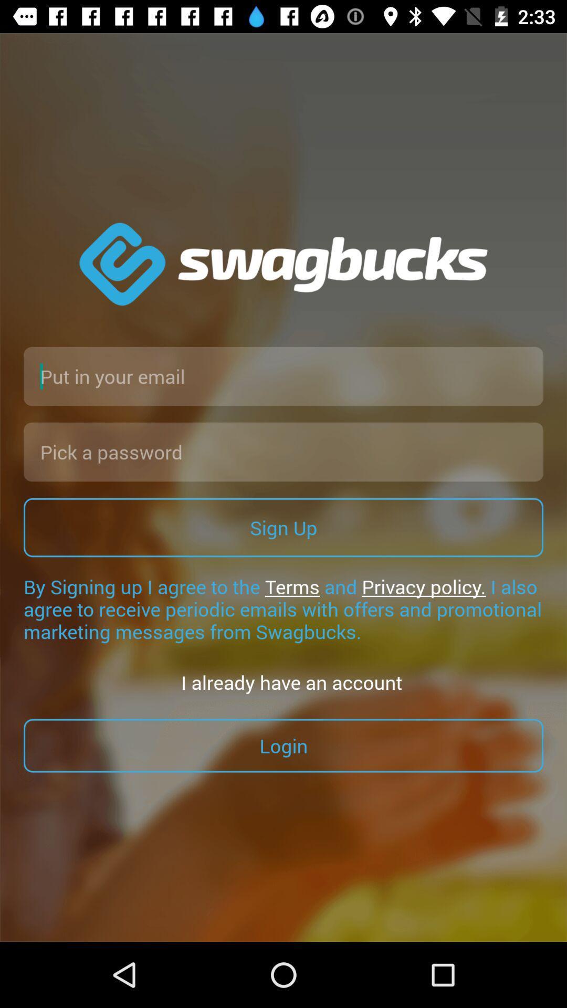 Image resolution: width=567 pixels, height=1008 pixels. What do you see at coordinates (283, 451) in the screenshot?
I see `choose a password` at bounding box center [283, 451].